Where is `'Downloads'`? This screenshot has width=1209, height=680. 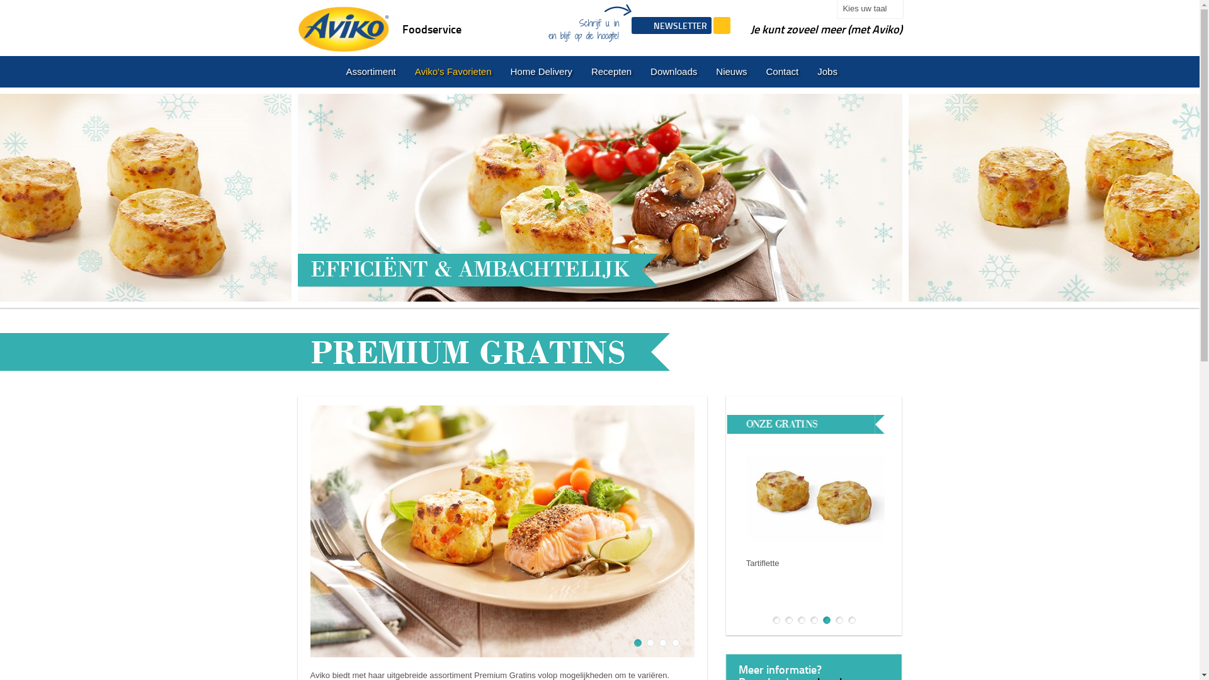
'Downloads' is located at coordinates (673, 72).